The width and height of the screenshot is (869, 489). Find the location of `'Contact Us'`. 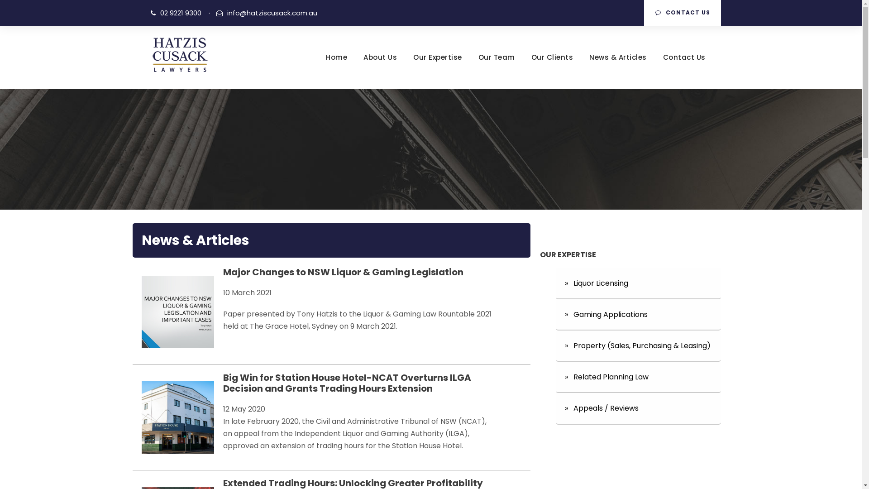

'Contact Us' is located at coordinates (684, 70).